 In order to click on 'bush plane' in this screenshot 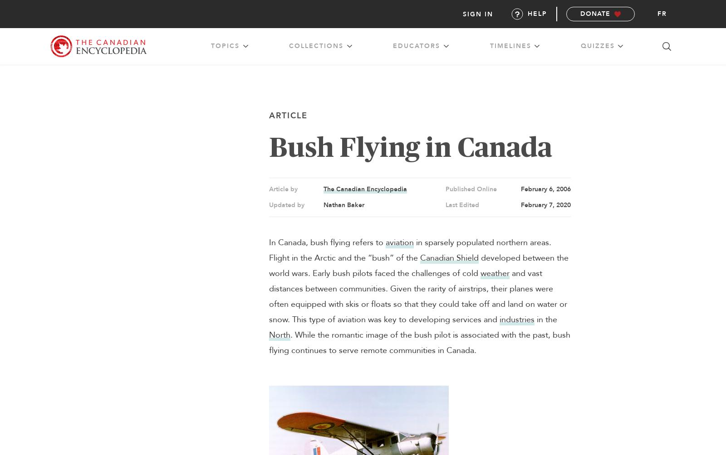, I will do `click(426, 95)`.